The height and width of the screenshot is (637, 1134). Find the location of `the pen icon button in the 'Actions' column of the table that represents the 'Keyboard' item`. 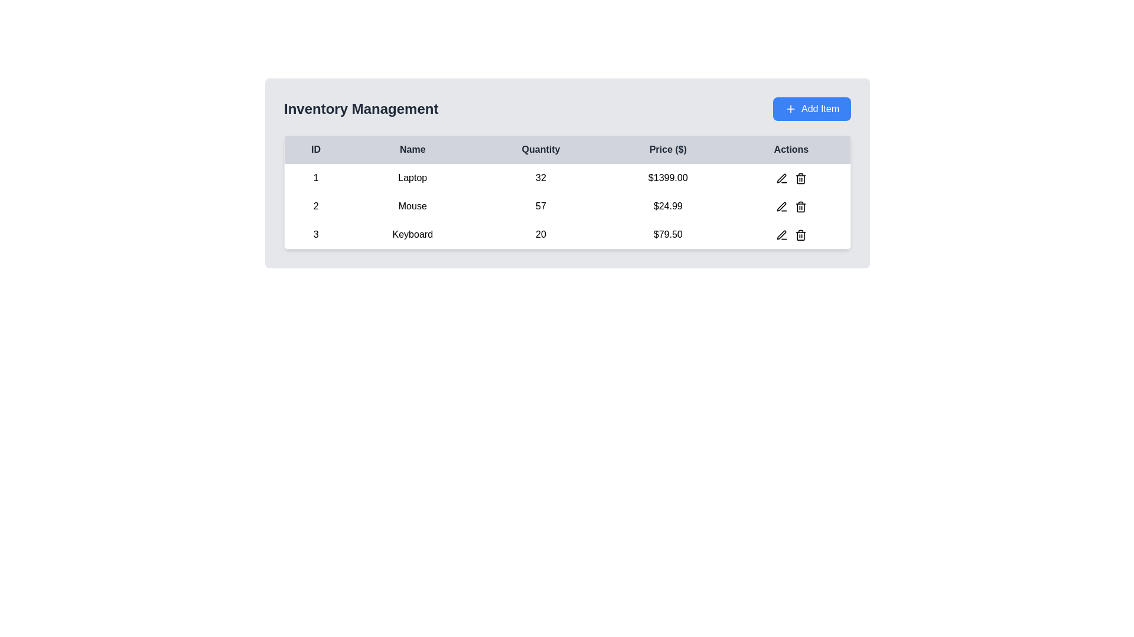

the pen icon button in the 'Actions' column of the table that represents the 'Keyboard' item is located at coordinates (781, 235).